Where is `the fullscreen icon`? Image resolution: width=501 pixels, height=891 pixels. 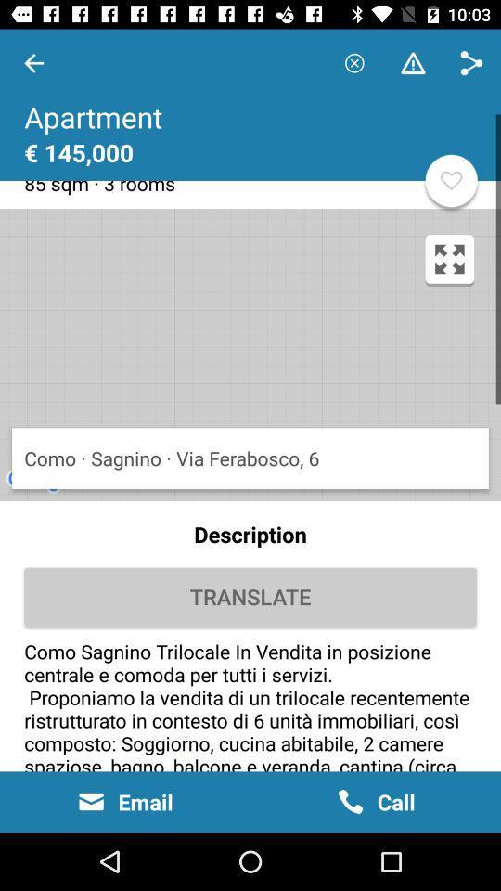 the fullscreen icon is located at coordinates (448, 258).